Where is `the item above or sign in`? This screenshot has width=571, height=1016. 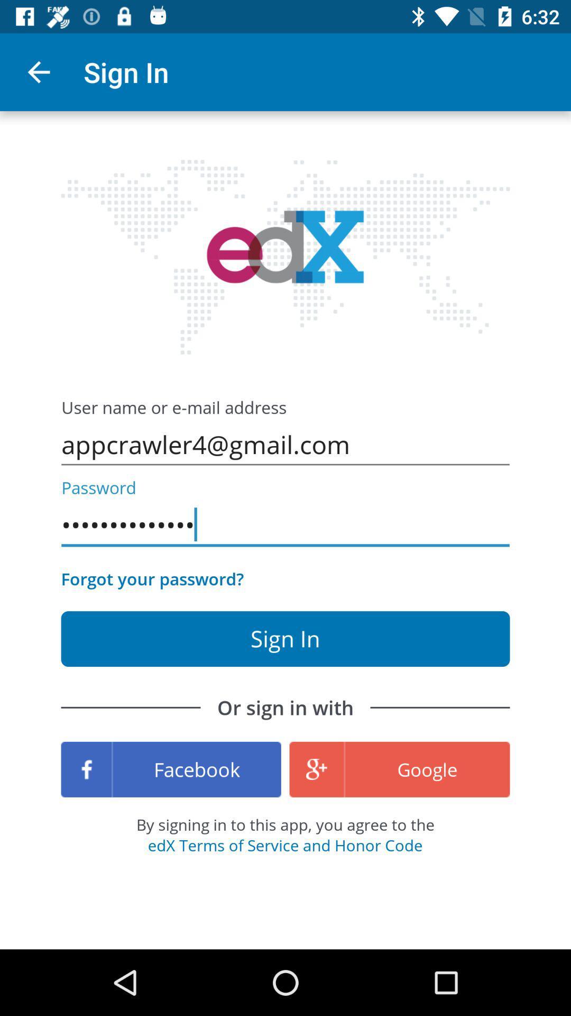
the item above or sign in is located at coordinates (152, 578).